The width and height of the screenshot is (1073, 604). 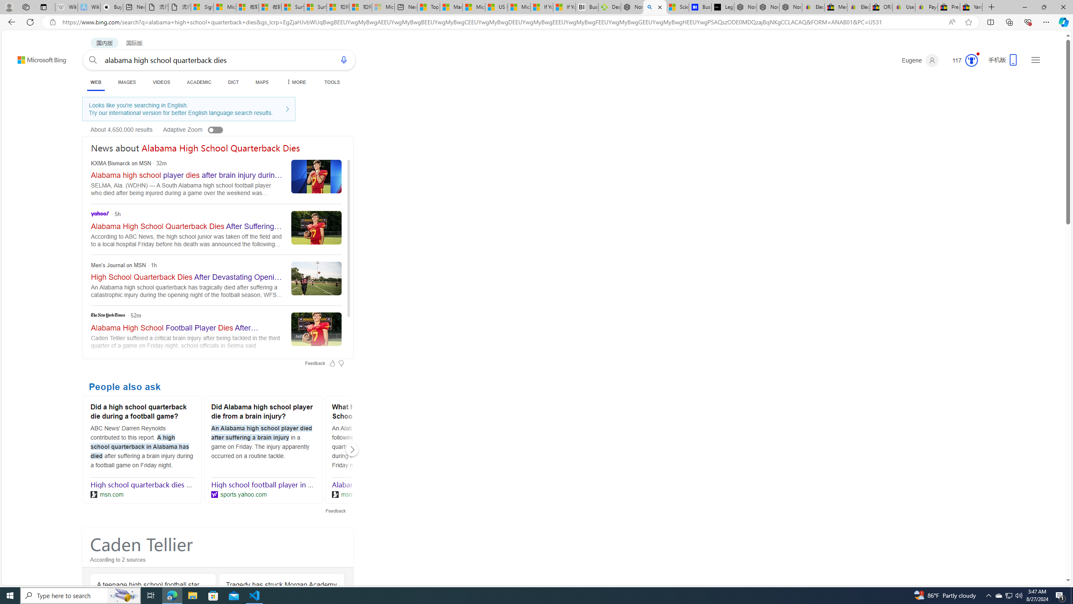 I want to click on 'The New York Times', so click(x=107, y=315).